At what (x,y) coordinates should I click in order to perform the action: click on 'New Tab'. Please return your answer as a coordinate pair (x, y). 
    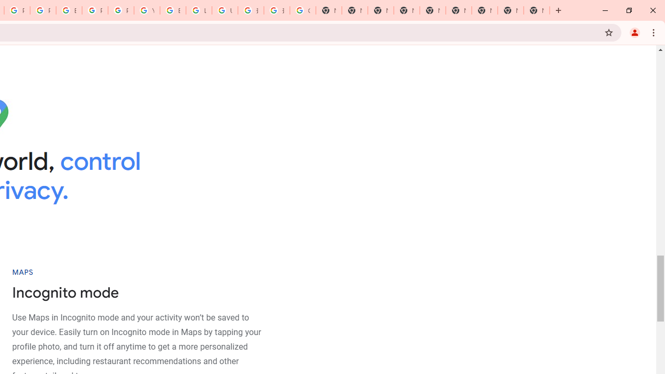
    Looking at the image, I should click on (536, 10).